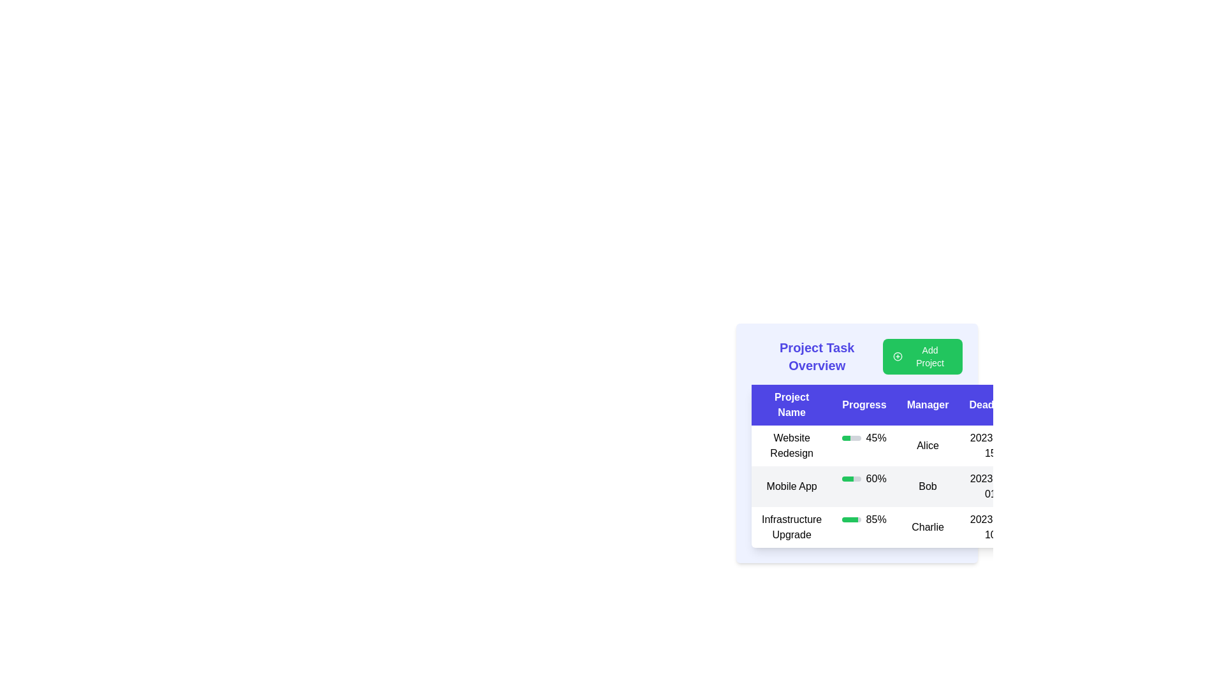 This screenshot has width=1224, height=688. I want to click on the progress bar indicating 60% completion located in the 'Mobile App' row under the 'Progress' column of the table, positioned to the left of the text 'Bob', so click(864, 479).